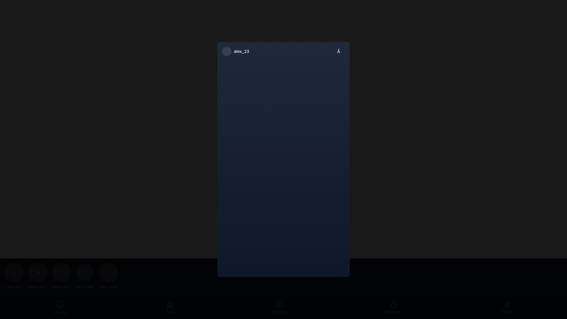 This screenshot has height=319, width=567. I want to click on the clickable avatar labeled 'food_lover', which is the fourth item in a horizontally scrollable list, so click(85, 276).